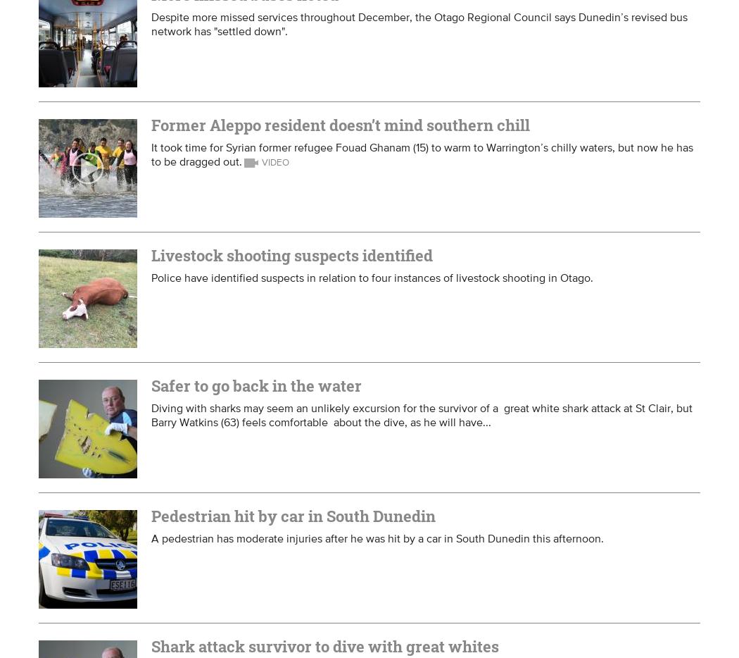  I want to click on 'Shark attack survivor to dive with great whites', so click(325, 646).